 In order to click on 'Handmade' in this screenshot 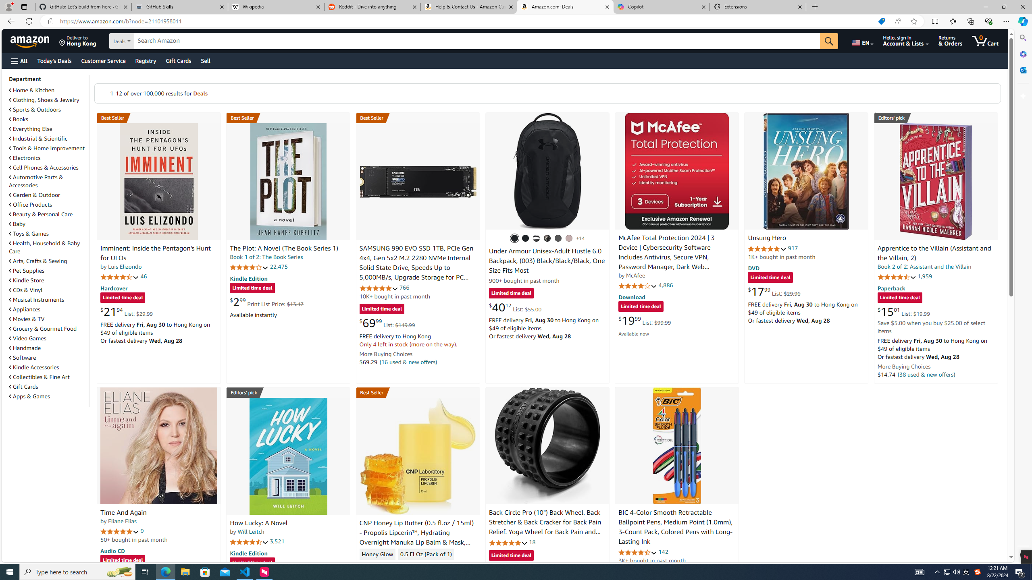, I will do `click(48, 348)`.